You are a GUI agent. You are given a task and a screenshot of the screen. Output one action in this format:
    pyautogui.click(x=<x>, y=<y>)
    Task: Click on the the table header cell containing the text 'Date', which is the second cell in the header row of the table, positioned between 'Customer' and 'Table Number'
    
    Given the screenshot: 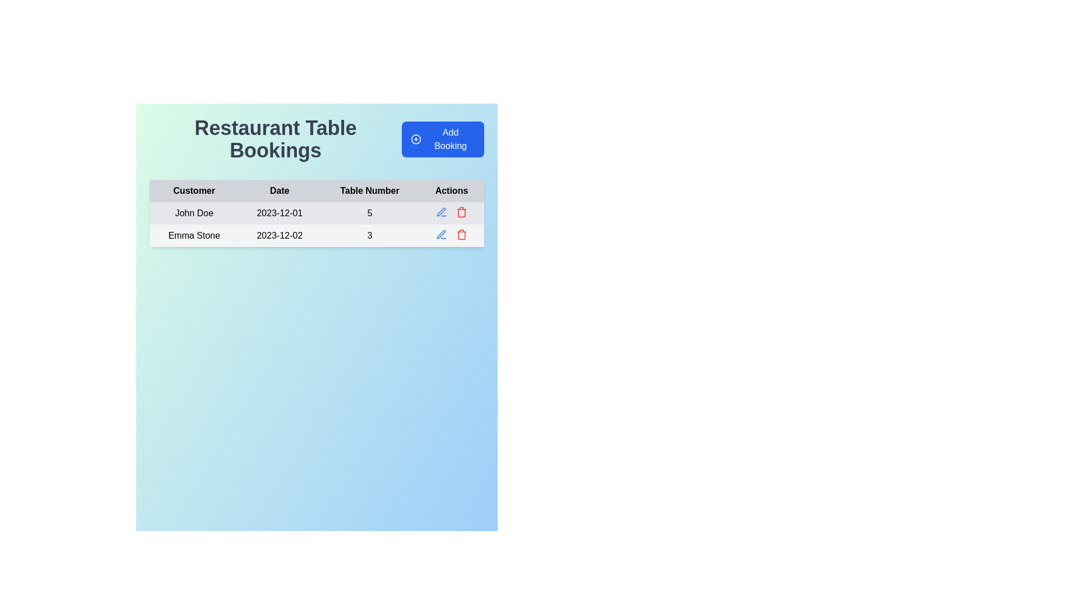 What is the action you would take?
    pyautogui.click(x=280, y=190)
    